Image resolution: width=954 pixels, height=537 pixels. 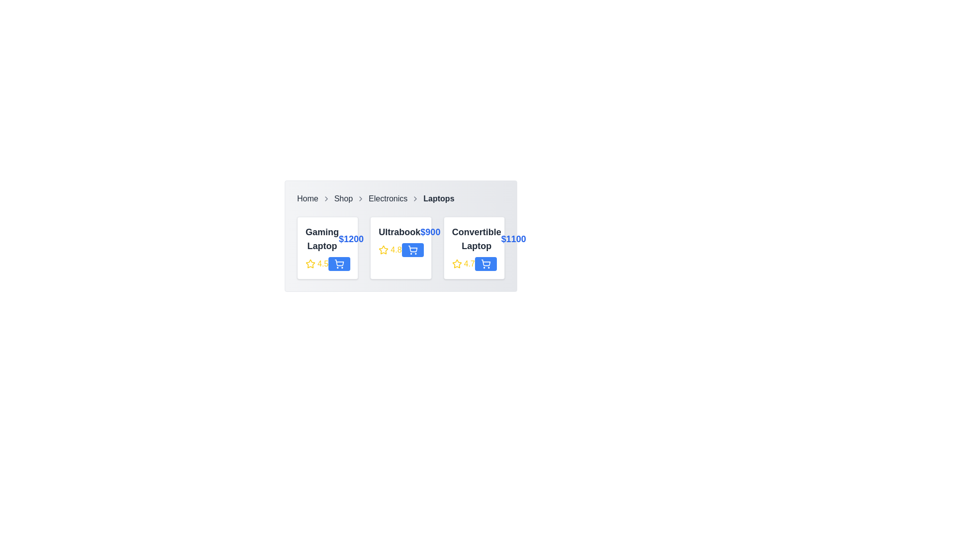 What do you see at coordinates (469, 264) in the screenshot?
I see `the Rating Indicator displaying '4.7' in bold, yellowish color, located to the right of the yellow star icon for the 'Convertible Laptop' card` at bounding box center [469, 264].